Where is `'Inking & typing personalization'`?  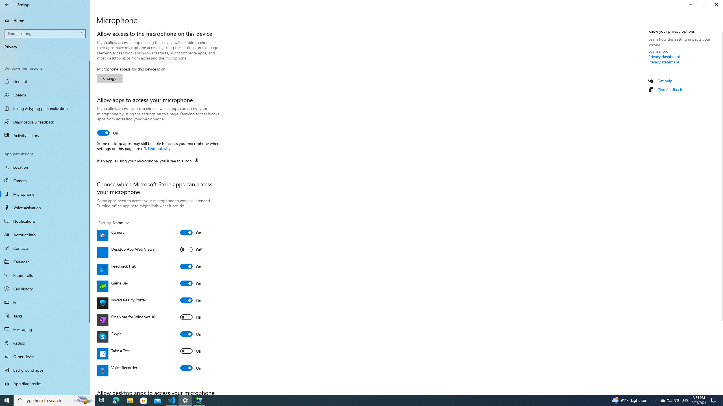 'Inking & typing personalization' is located at coordinates (45, 108).